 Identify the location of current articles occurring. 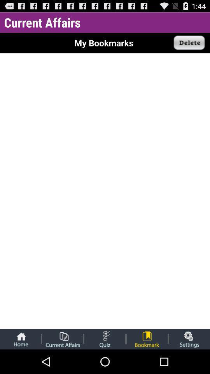
(62, 339).